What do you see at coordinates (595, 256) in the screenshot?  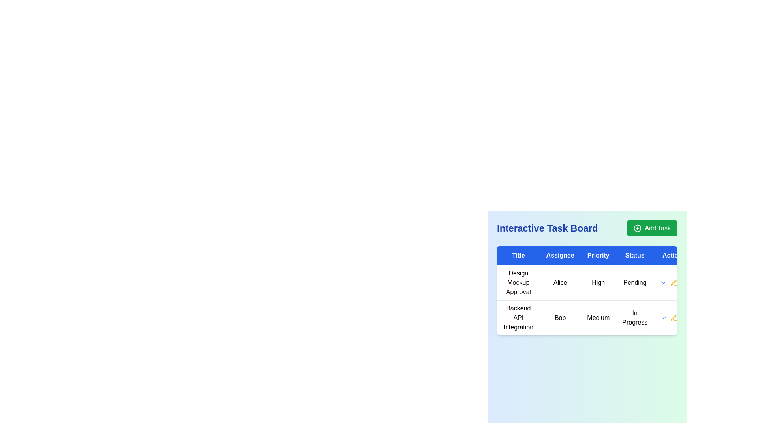 I see `text content of the blue rectangular header cell labeled 'Priority', which is the third header cell in the table row` at bounding box center [595, 256].